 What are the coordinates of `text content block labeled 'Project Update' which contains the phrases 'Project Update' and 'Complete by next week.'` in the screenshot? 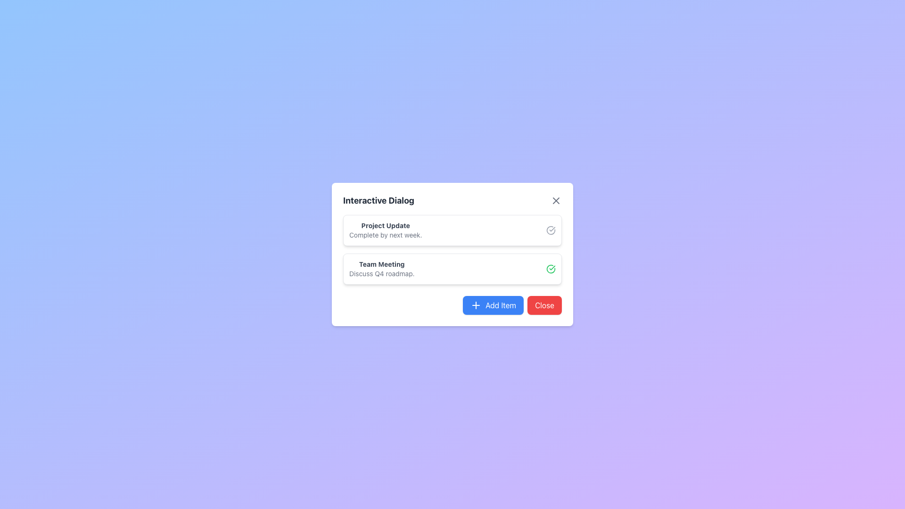 It's located at (386, 230).